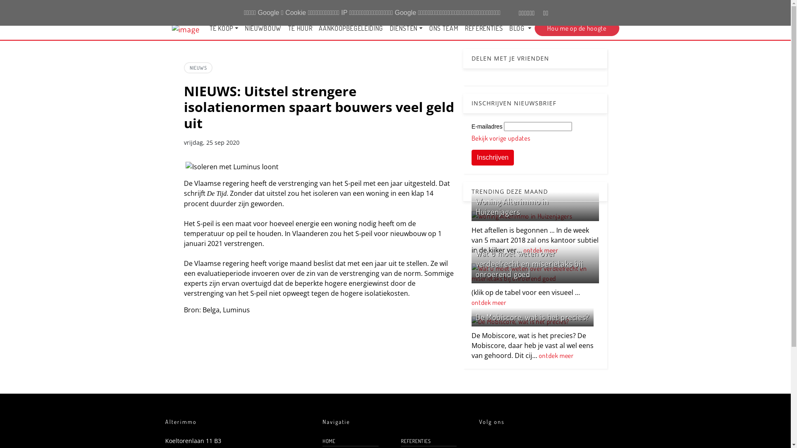  What do you see at coordinates (476, 317) in the screenshot?
I see `'De Mobiscore, wat is het precies?'` at bounding box center [476, 317].